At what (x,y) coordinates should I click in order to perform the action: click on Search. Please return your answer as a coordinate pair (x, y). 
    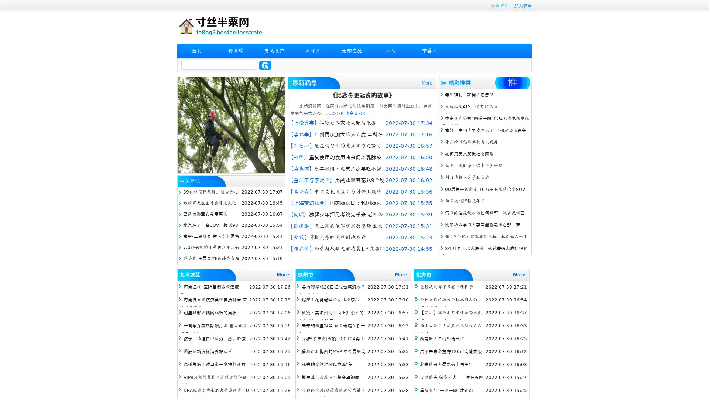
    Looking at the image, I should click on (265, 65).